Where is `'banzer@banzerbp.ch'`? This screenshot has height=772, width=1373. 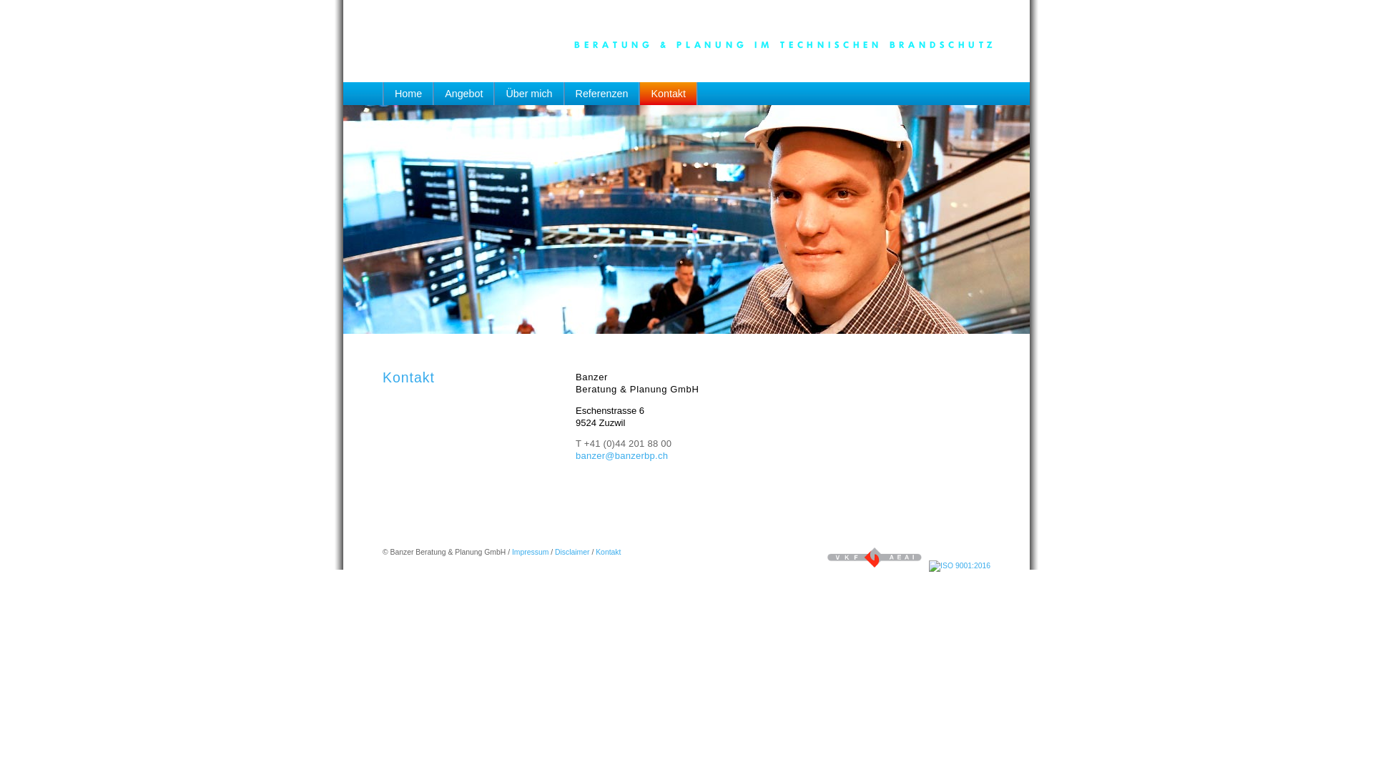
'banzer@banzerbp.ch' is located at coordinates (621, 455).